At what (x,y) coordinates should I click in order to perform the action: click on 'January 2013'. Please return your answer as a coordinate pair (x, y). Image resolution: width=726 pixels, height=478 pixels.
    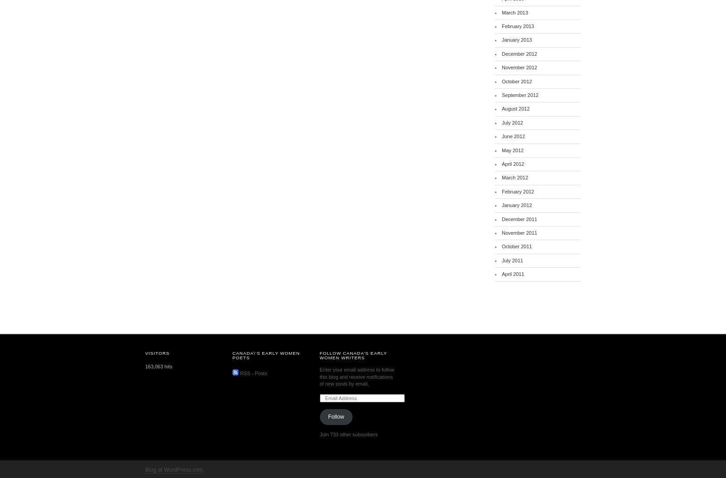
    Looking at the image, I should click on (517, 39).